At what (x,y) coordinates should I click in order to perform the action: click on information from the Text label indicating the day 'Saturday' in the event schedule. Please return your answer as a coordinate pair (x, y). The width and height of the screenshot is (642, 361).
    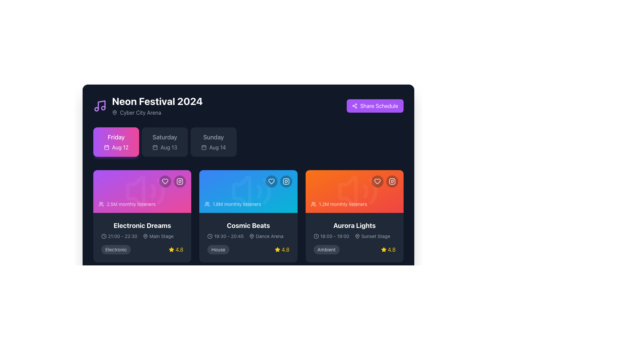
    Looking at the image, I should click on (165, 137).